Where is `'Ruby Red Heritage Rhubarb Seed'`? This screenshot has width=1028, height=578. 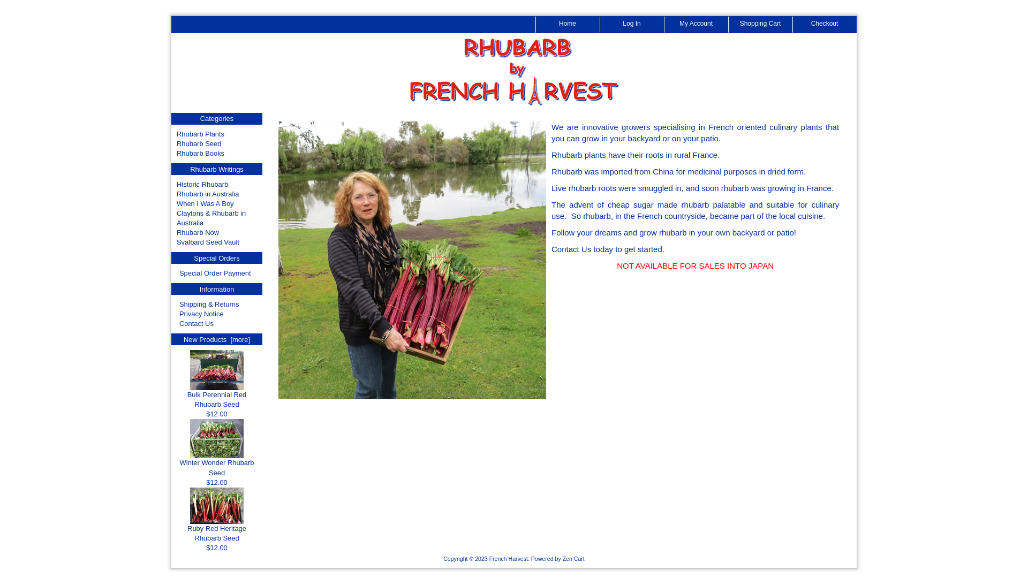
'Ruby Red Heritage Rhubarb Seed' is located at coordinates (216, 506).